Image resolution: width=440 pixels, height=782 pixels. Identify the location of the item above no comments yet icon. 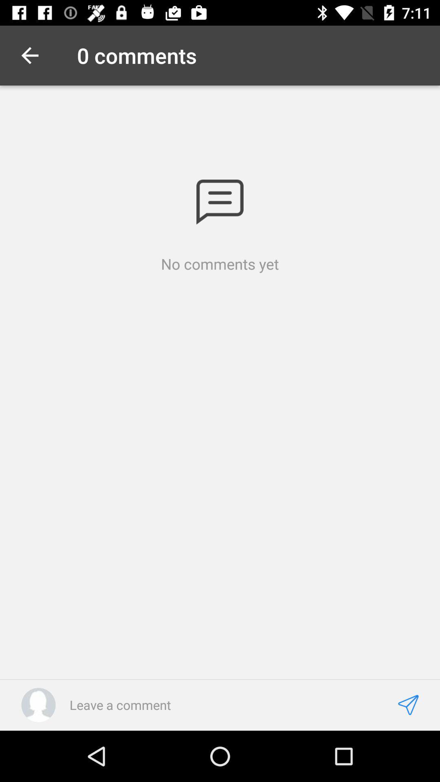
(220, 202).